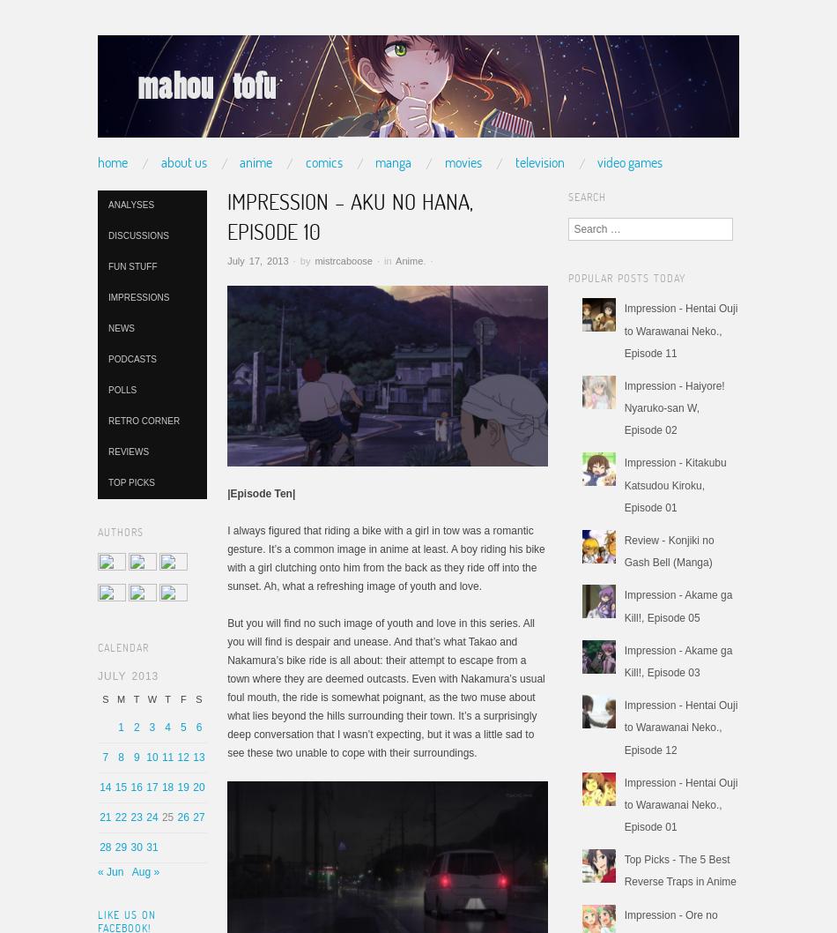 Image resolution: width=837 pixels, height=933 pixels. What do you see at coordinates (108, 482) in the screenshot?
I see `'Top Picks'` at bounding box center [108, 482].